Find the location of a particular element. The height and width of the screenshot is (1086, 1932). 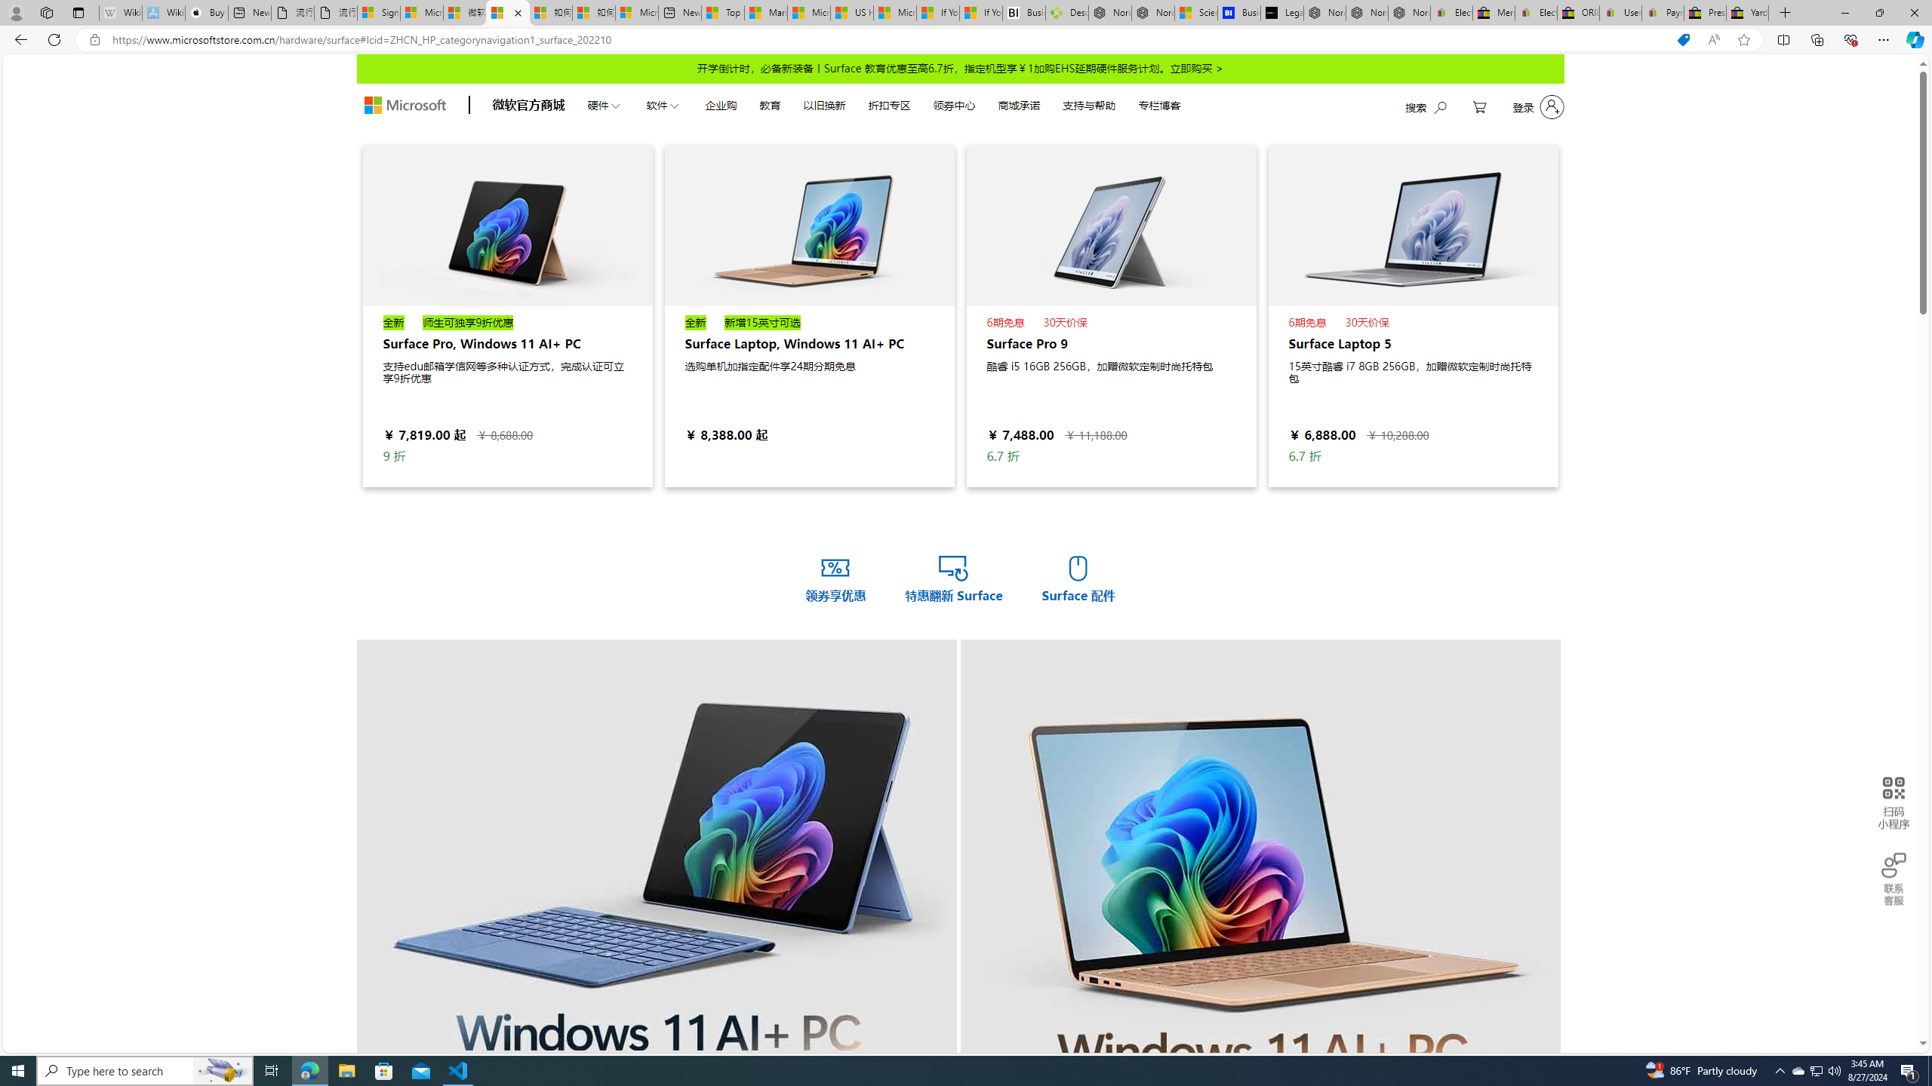

'Surface Pro 9' is located at coordinates (1110, 225).